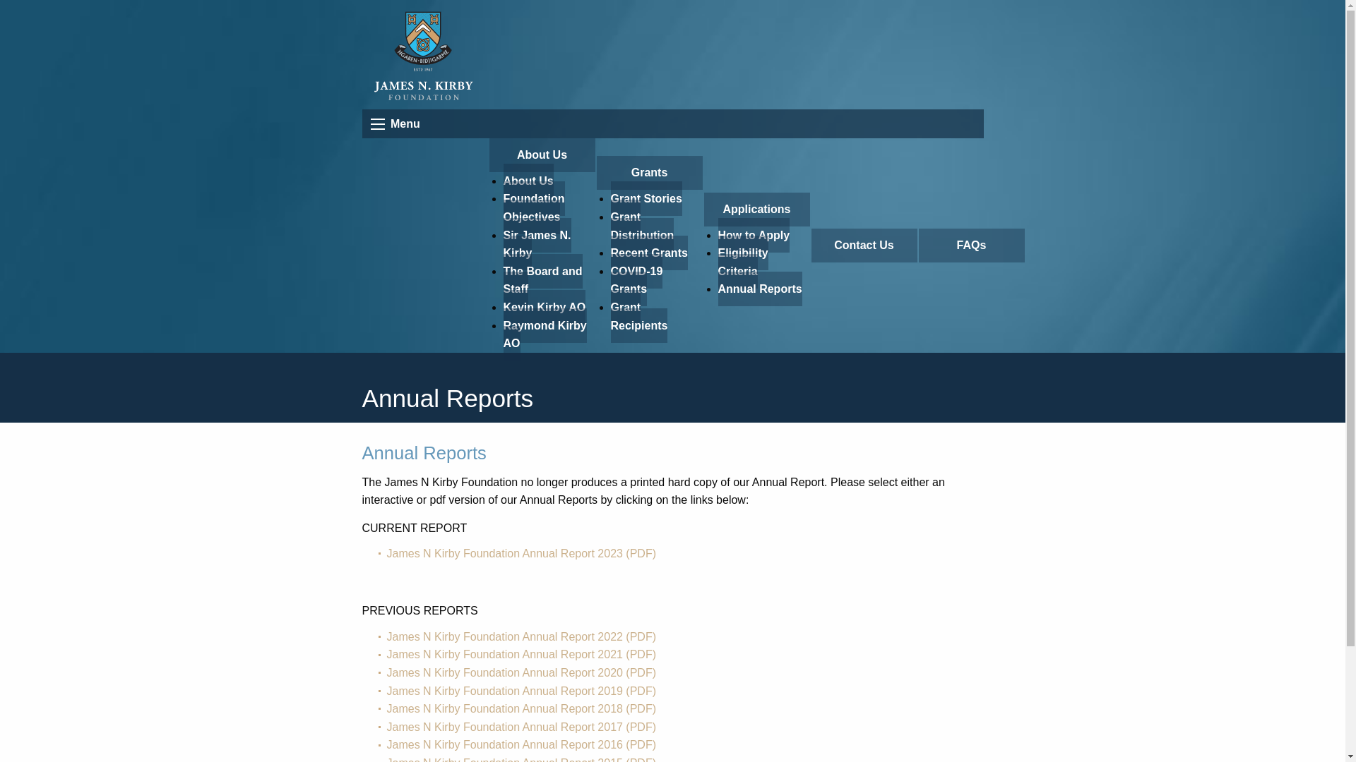 The image size is (1356, 762). Describe the element at coordinates (648, 252) in the screenshot. I see `'Recent Grants'` at that location.